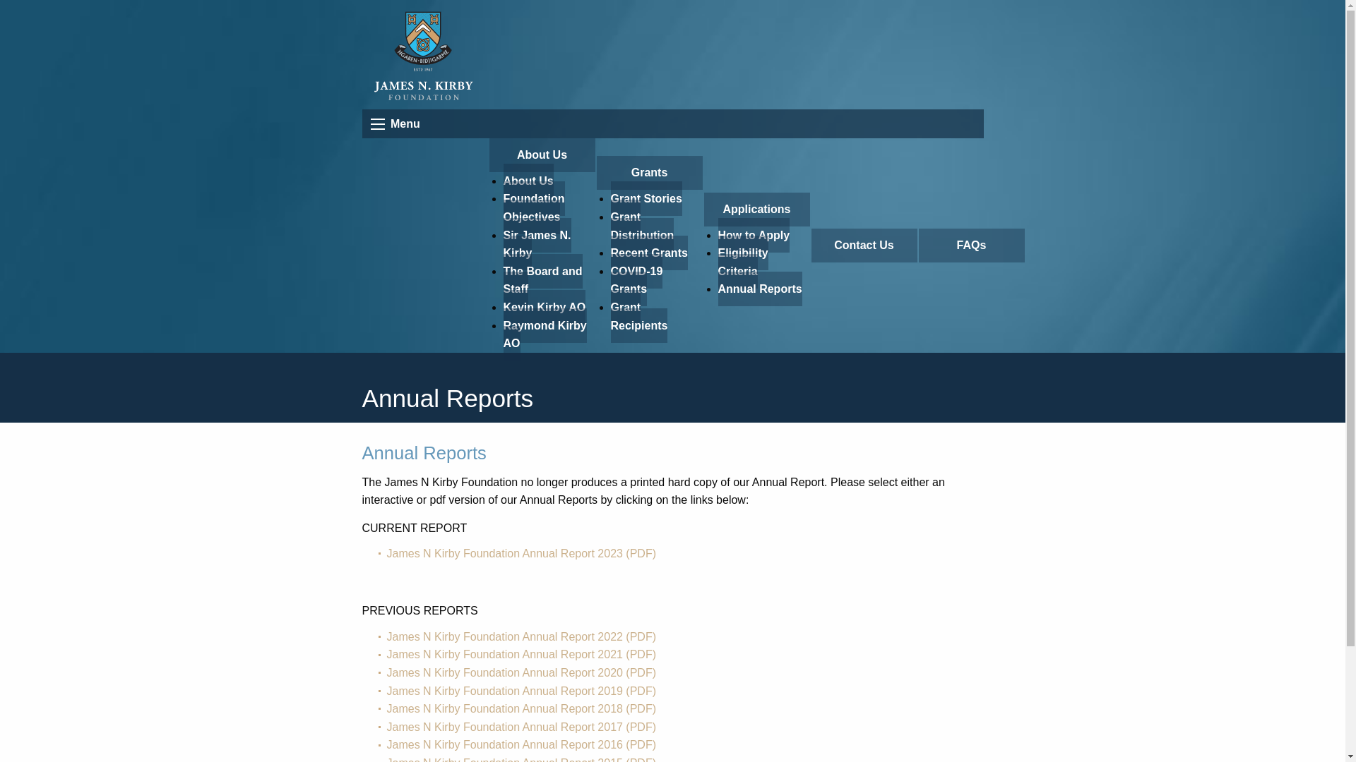 The image size is (1356, 762). Describe the element at coordinates (648, 252) in the screenshot. I see `'Recent Grants'` at that location.